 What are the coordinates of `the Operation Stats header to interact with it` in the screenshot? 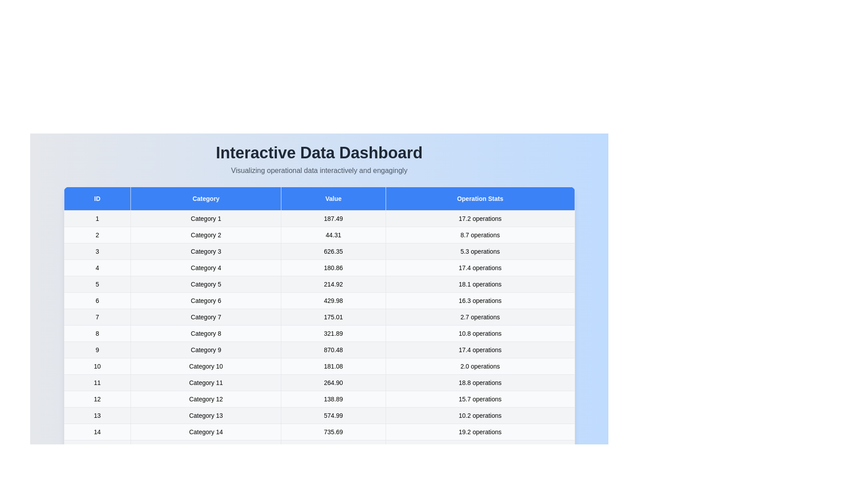 It's located at (480, 198).